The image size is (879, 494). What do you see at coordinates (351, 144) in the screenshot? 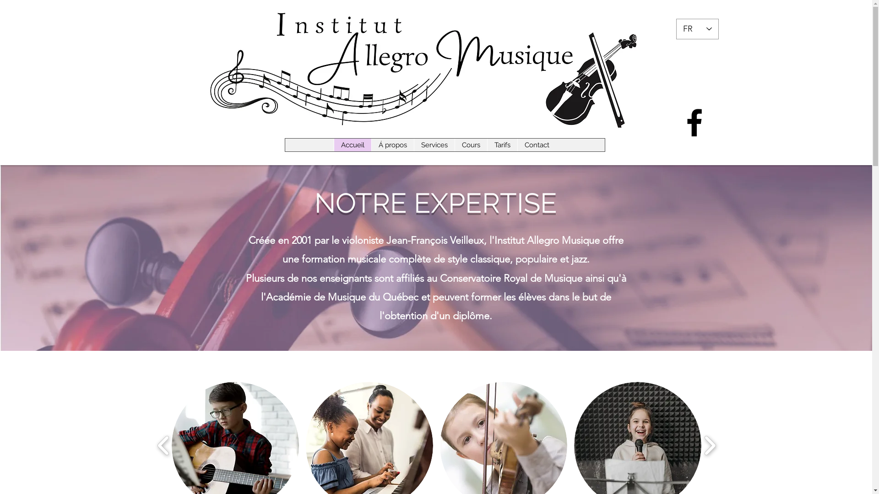
I see `'Accueil'` at bounding box center [351, 144].